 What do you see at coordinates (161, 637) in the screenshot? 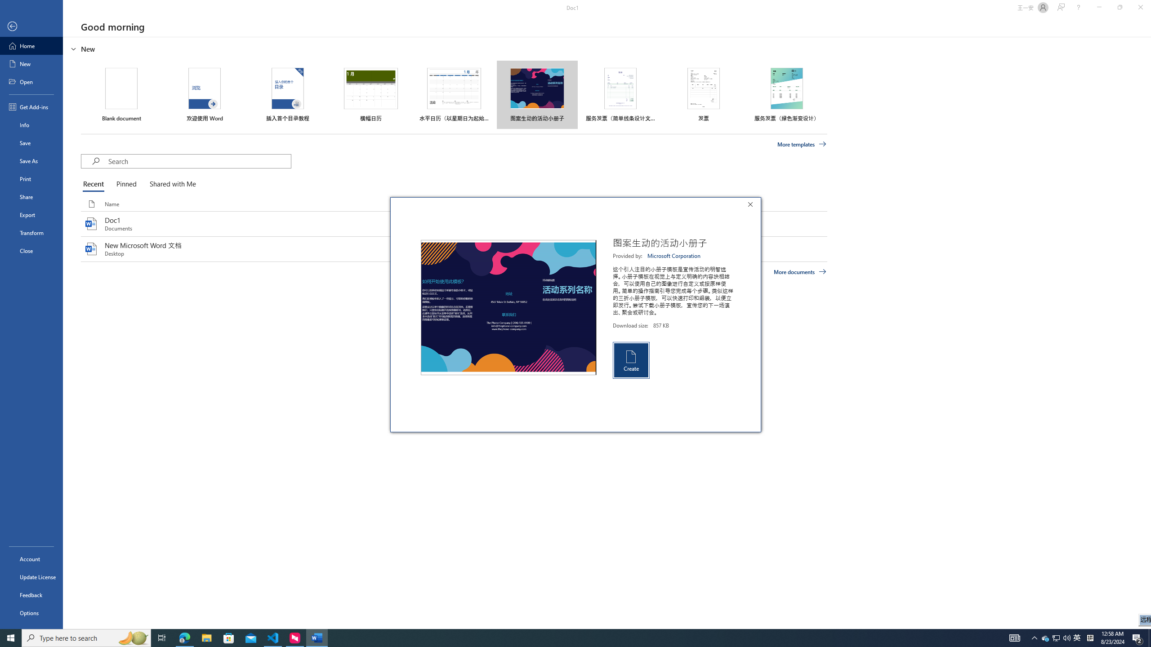
I see `'Task View'` at bounding box center [161, 637].